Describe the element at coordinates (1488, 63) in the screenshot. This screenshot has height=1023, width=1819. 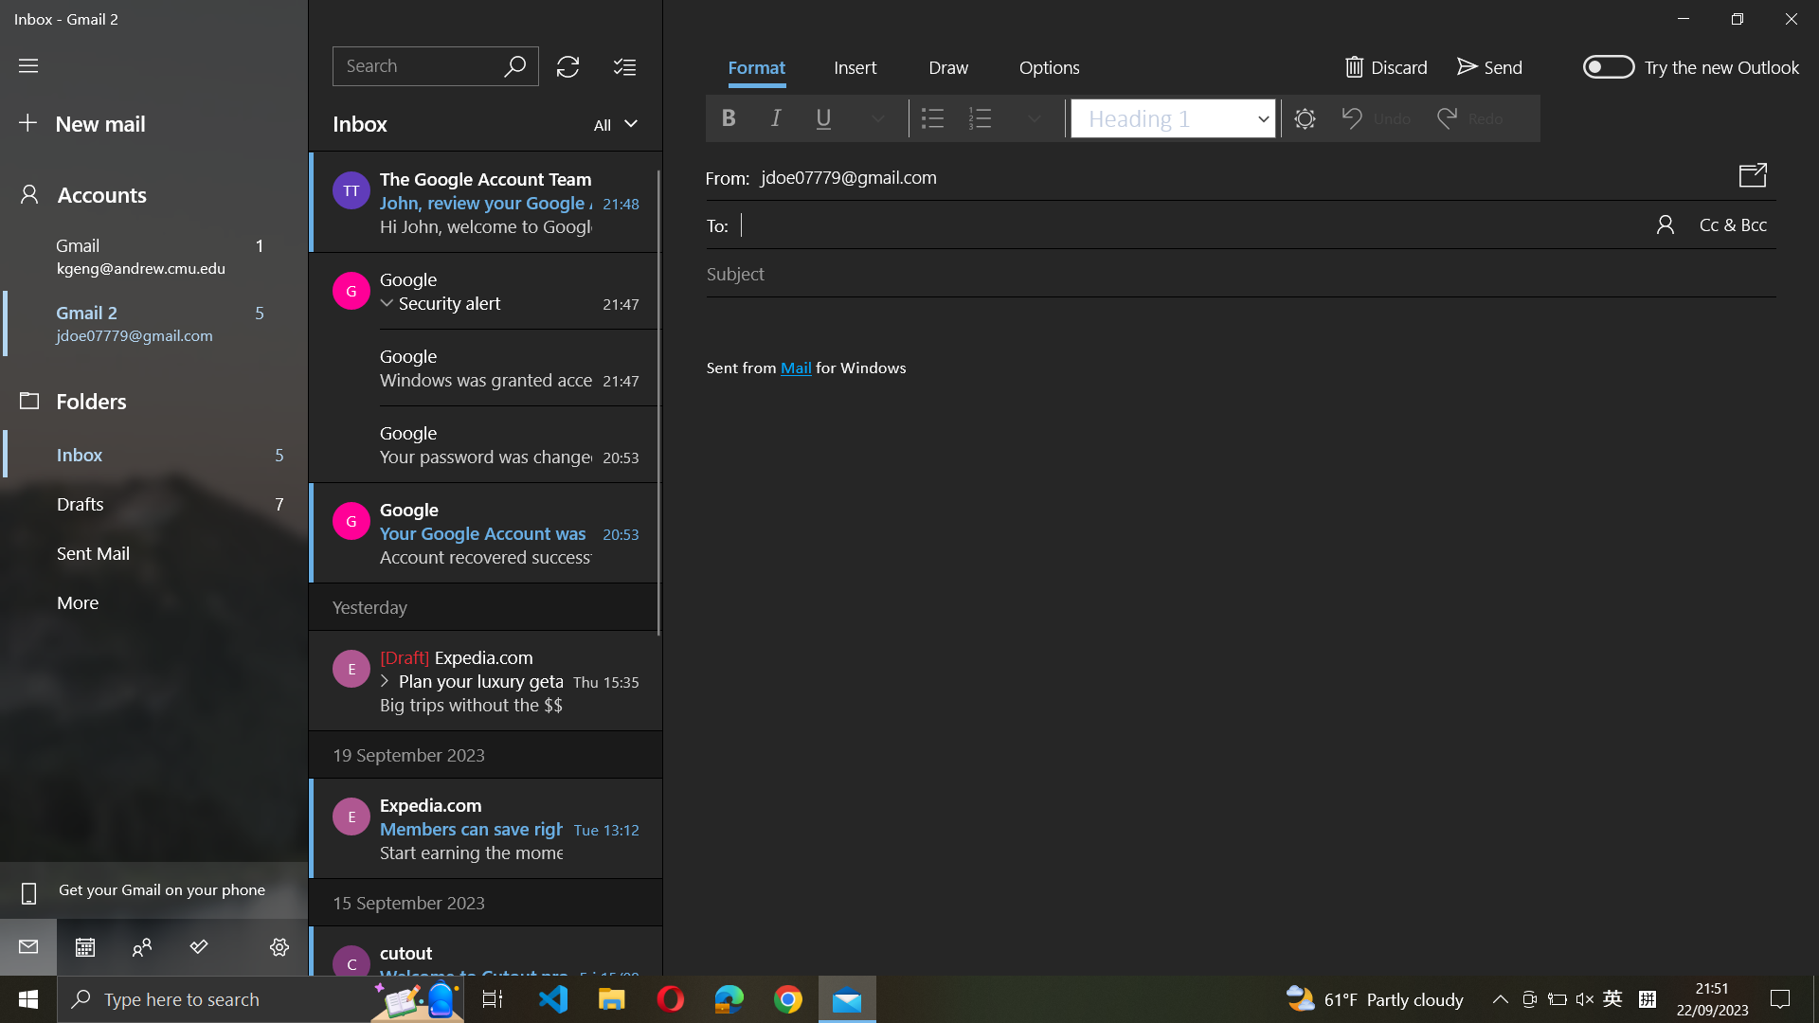
I see `Dispatch an email` at that location.